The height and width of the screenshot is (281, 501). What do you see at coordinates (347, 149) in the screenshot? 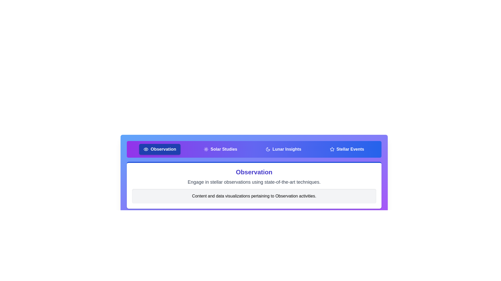
I see `the tab labeled Stellar Events to observe its hover effect` at bounding box center [347, 149].